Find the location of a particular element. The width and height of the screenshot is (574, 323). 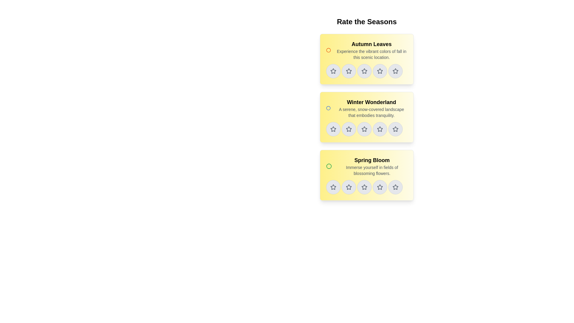

the fourth circular button with a dark gray outlined star icon is located at coordinates (380, 71).